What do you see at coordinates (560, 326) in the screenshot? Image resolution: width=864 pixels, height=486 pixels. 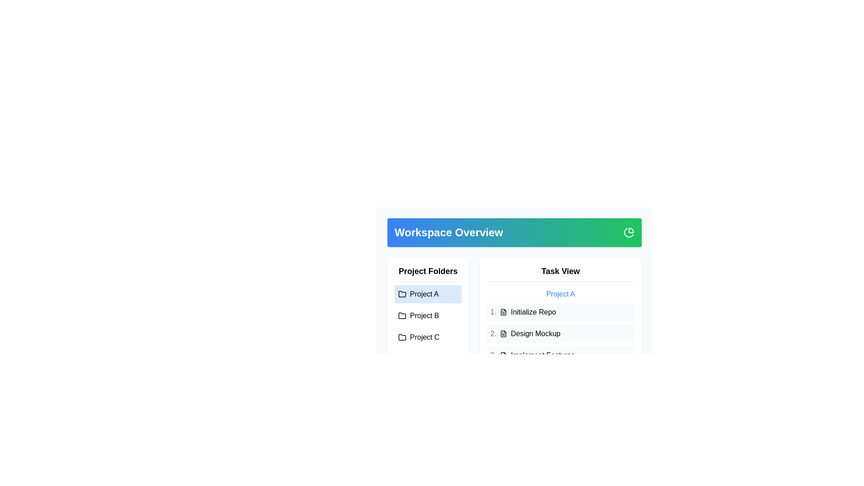 I see `the task item labeled 'Design Mockup' located in the 'Task View' panel under 'Project A' to focus or select it` at bounding box center [560, 326].